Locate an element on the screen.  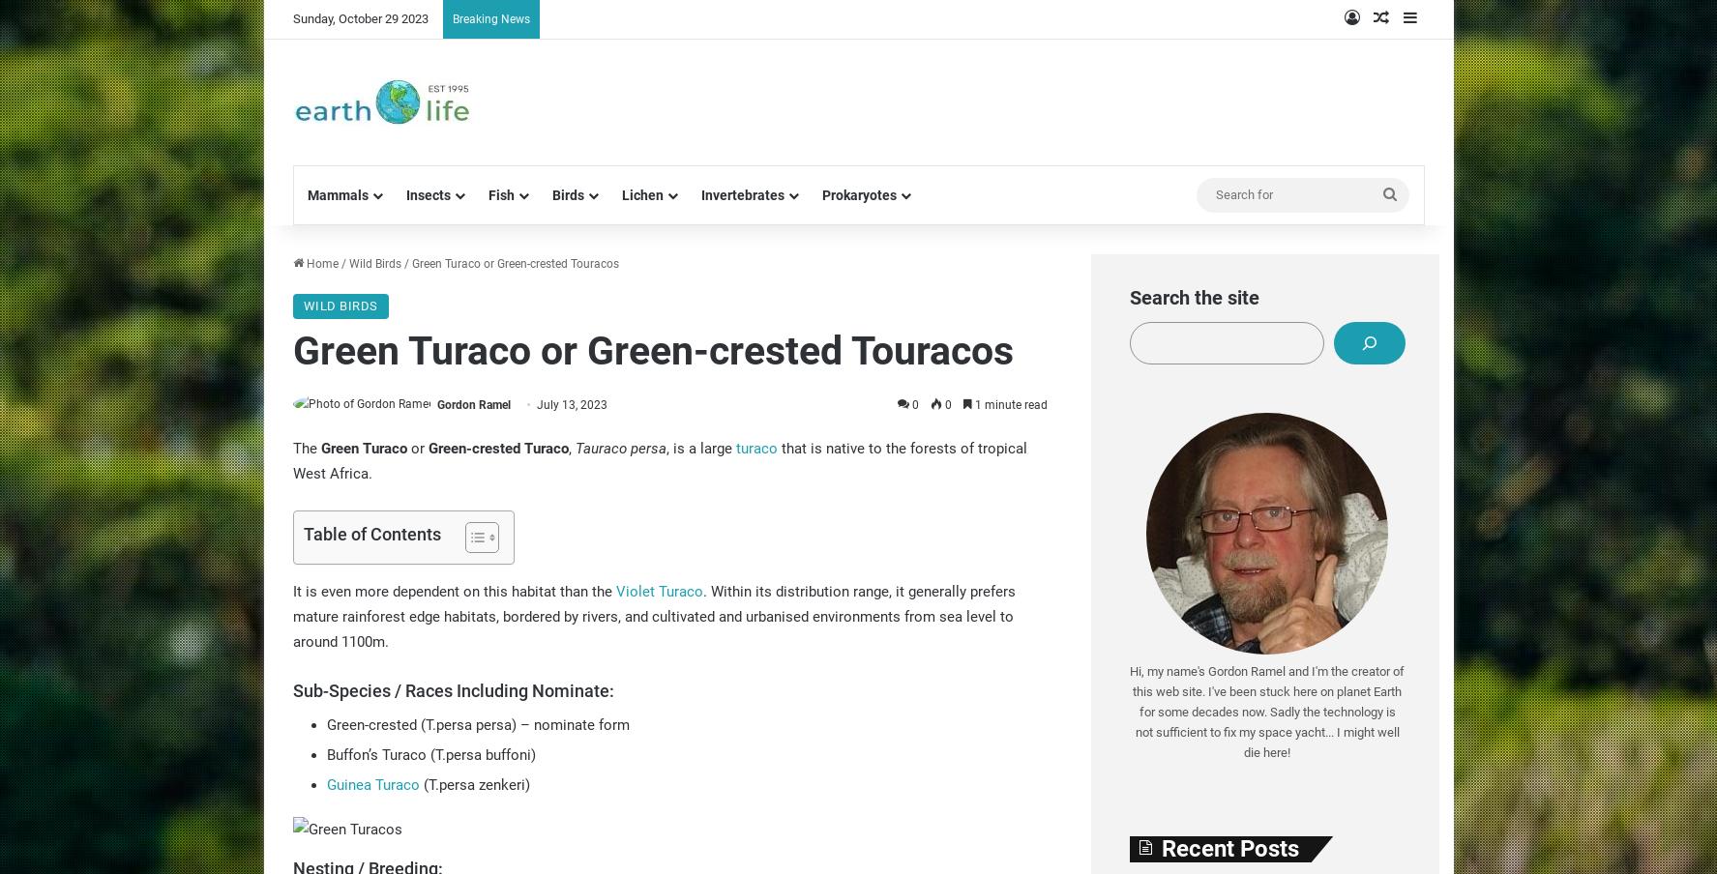
'Birds' is located at coordinates (567, 195).